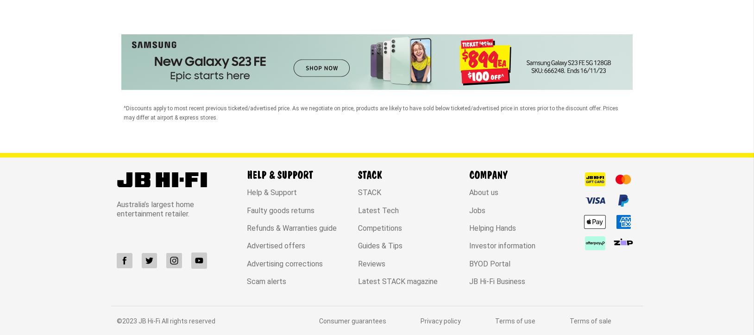 The image size is (754, 335). Describe the element at coordinates (352, 242) in the screenshot. I see `'Consumer guarantees'` at that location.